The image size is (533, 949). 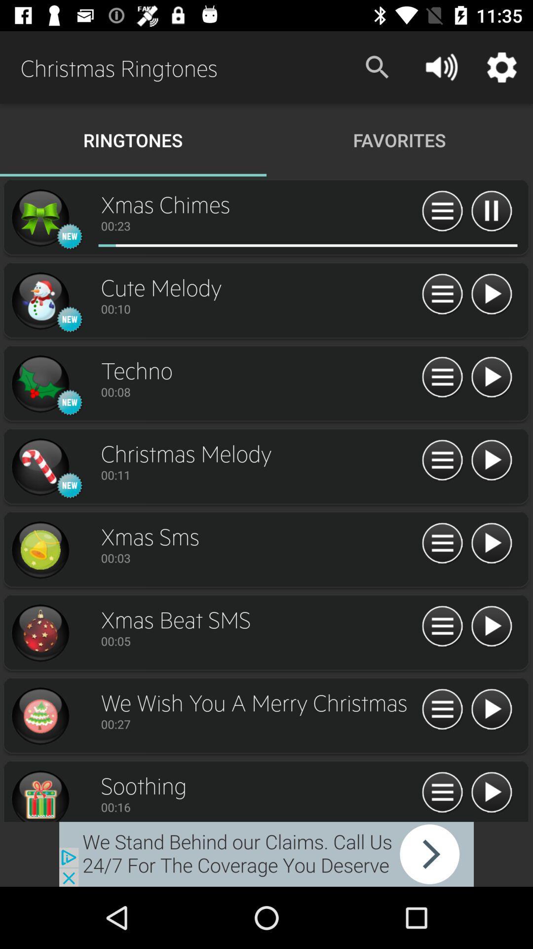 I want to click on costumes, so click(x=442, y=793).